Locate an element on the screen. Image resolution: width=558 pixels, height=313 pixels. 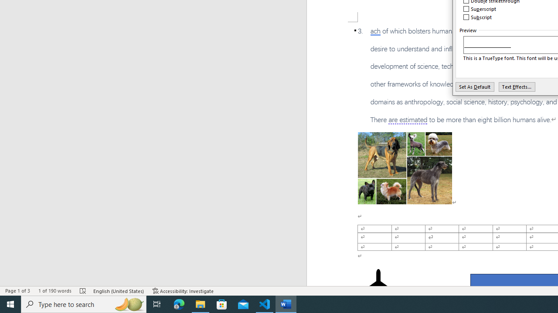
'Accessibility Checker Accessibility: Investigate' is located at coordinates (183, 291).